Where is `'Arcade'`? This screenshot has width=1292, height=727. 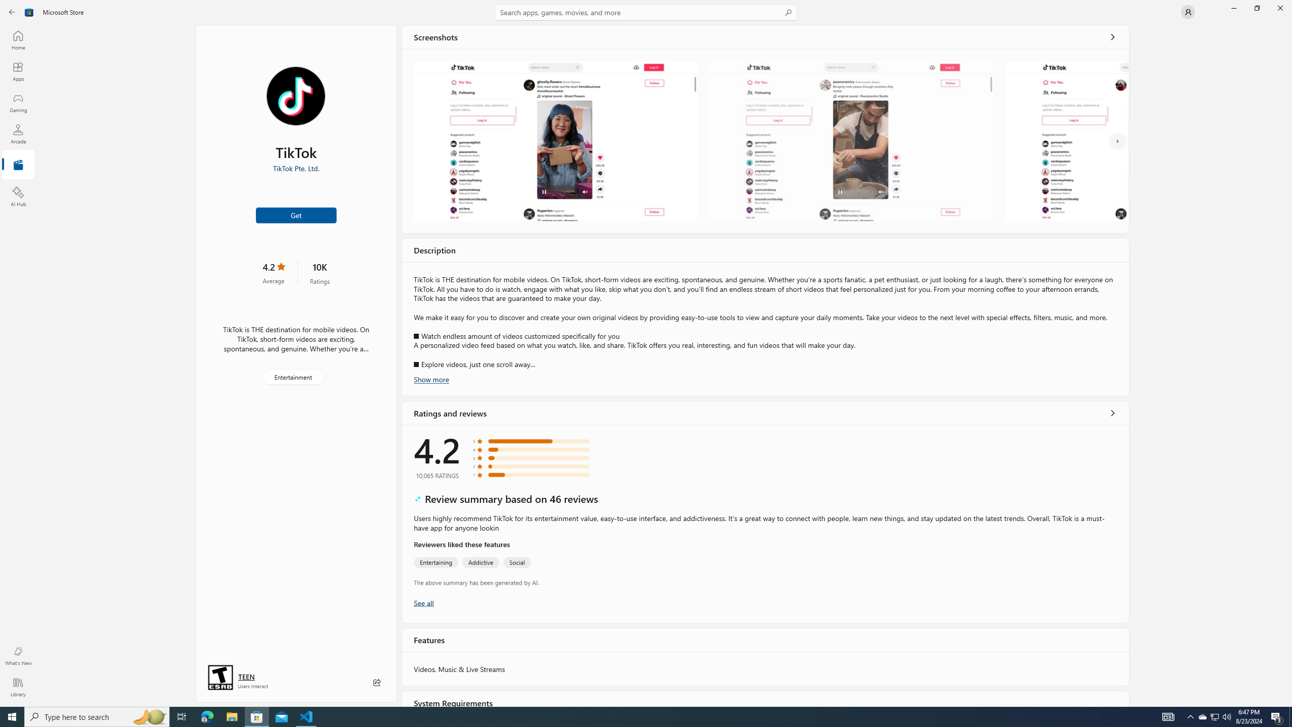
'Arcade' is located at coordinates (17, 133).